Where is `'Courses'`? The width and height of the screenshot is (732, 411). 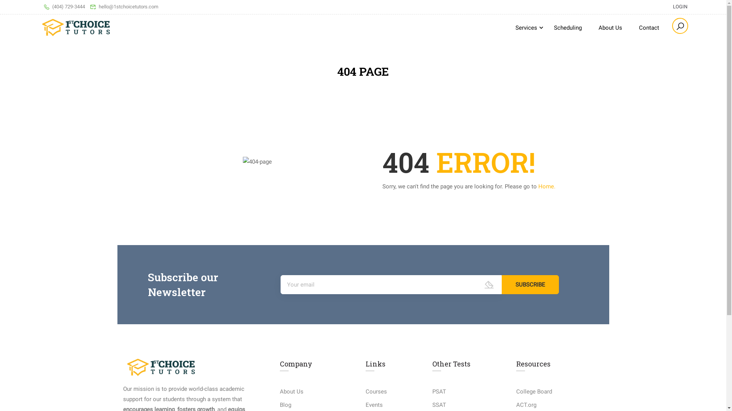 'Courses' is located at coordinates (376, 392).